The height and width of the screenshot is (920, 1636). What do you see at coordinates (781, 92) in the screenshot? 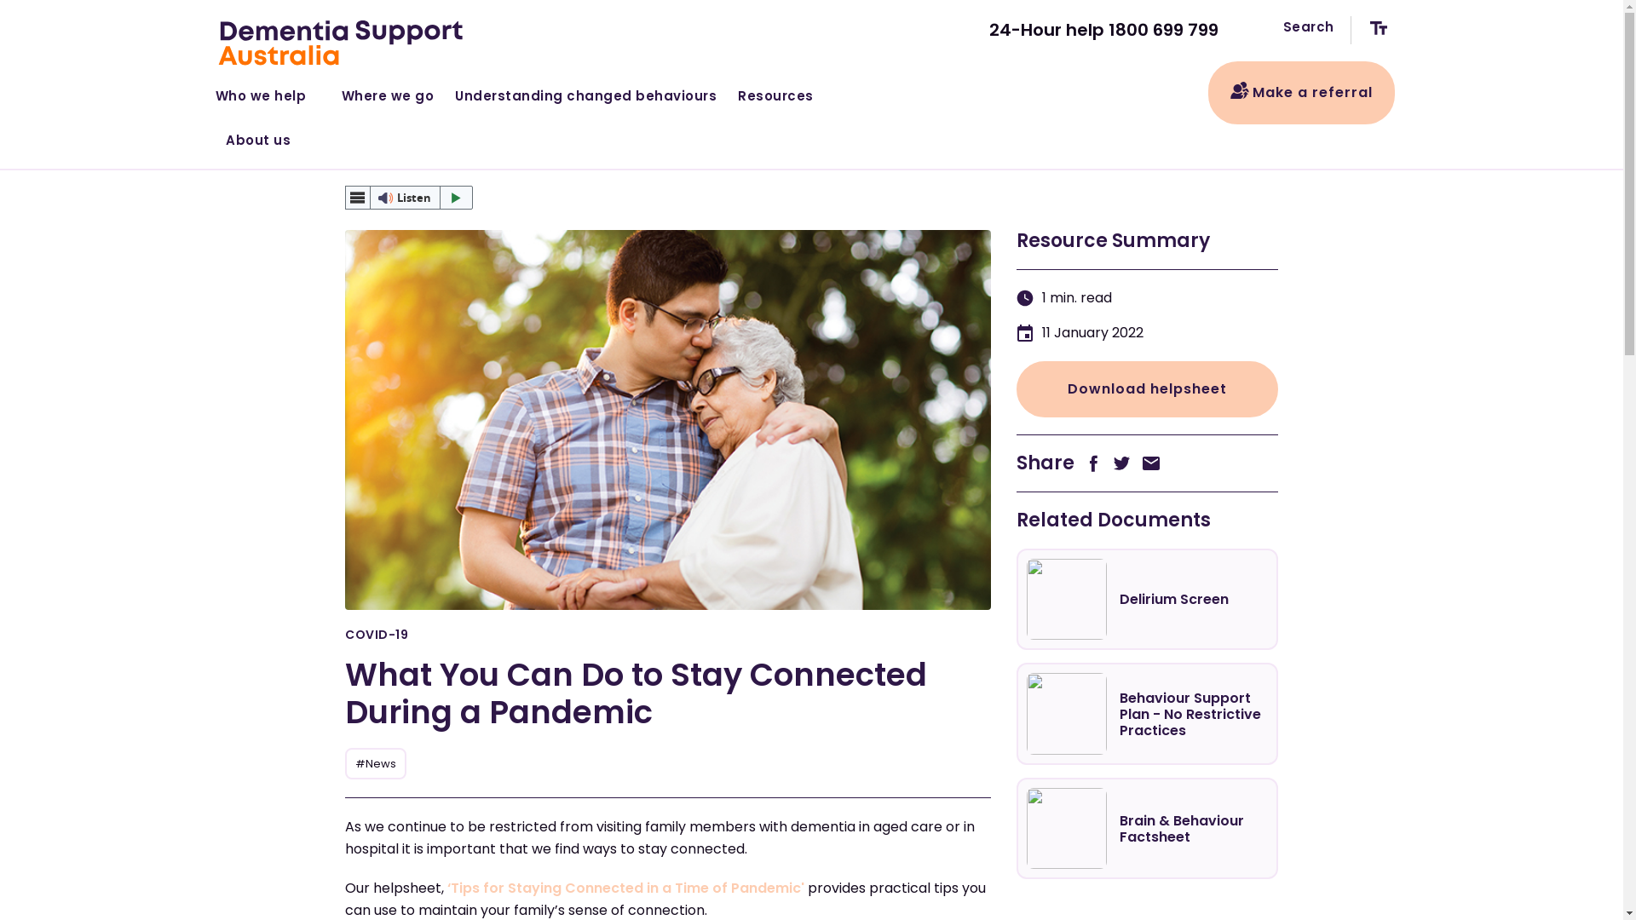
I see `'Resources'` at bounding box center [781, 92].